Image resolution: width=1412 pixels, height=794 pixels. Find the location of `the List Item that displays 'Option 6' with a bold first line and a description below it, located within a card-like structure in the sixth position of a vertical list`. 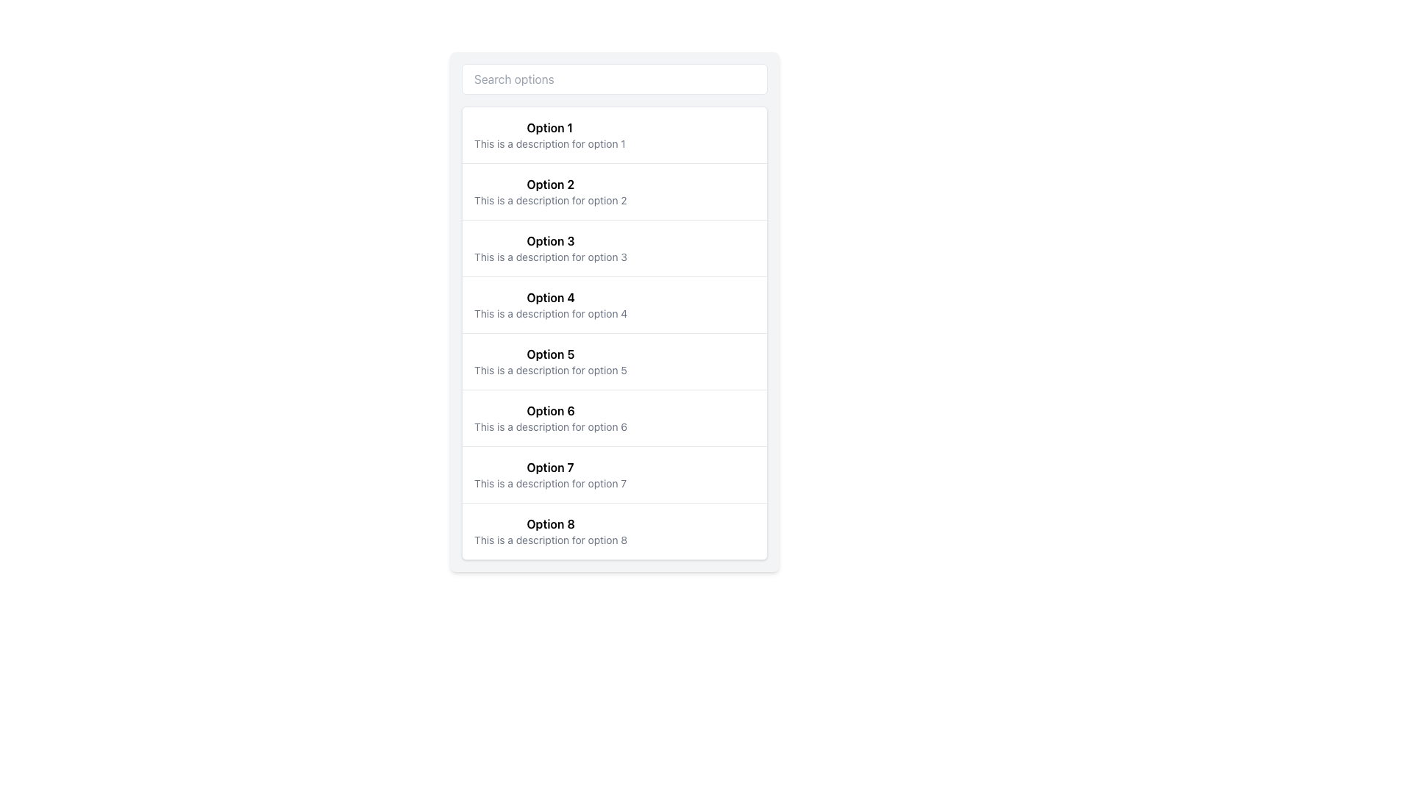

the List Item that displays 'Option 6' with a bold first line and a description below it, located within a card-like structure in the sixth position of a vertical list is located at coordinates (614, 418).